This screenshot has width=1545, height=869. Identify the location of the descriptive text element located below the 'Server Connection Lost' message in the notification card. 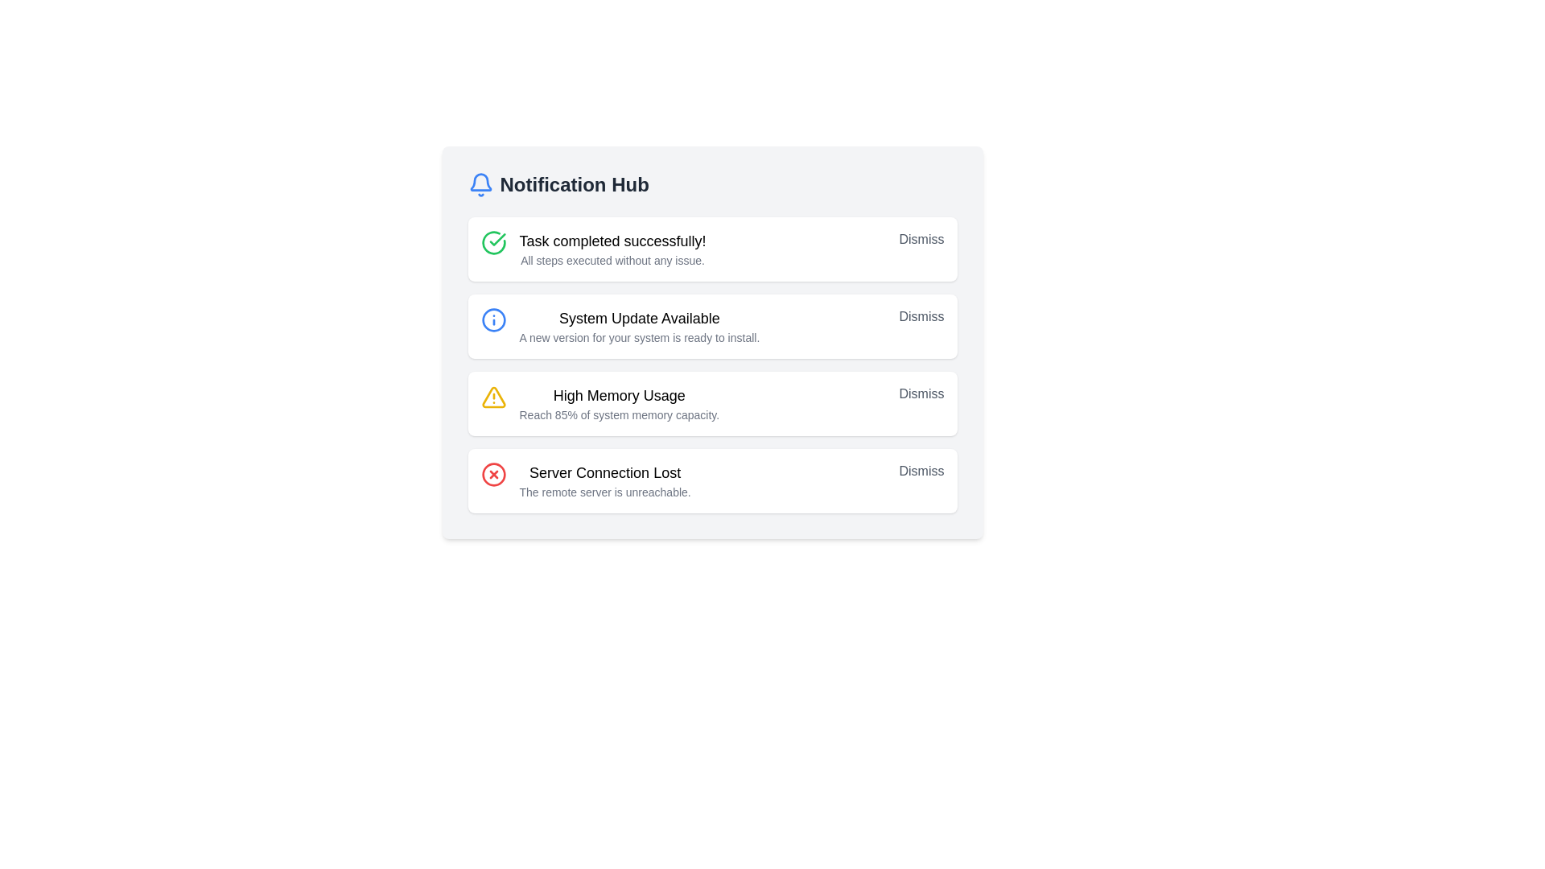
(604, 492).